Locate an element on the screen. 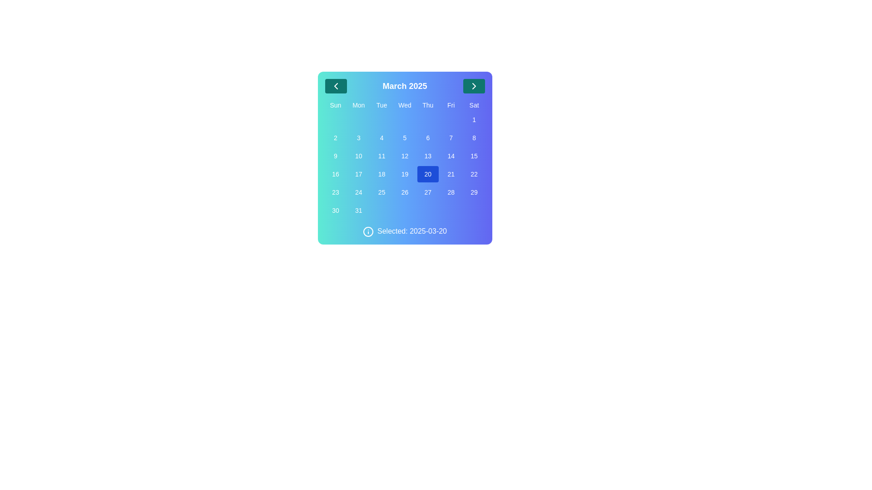  the clickable calendar date button displaying the number '23' located in the last column and fifth row of the calendar grid is located at coordinates (335, 192).